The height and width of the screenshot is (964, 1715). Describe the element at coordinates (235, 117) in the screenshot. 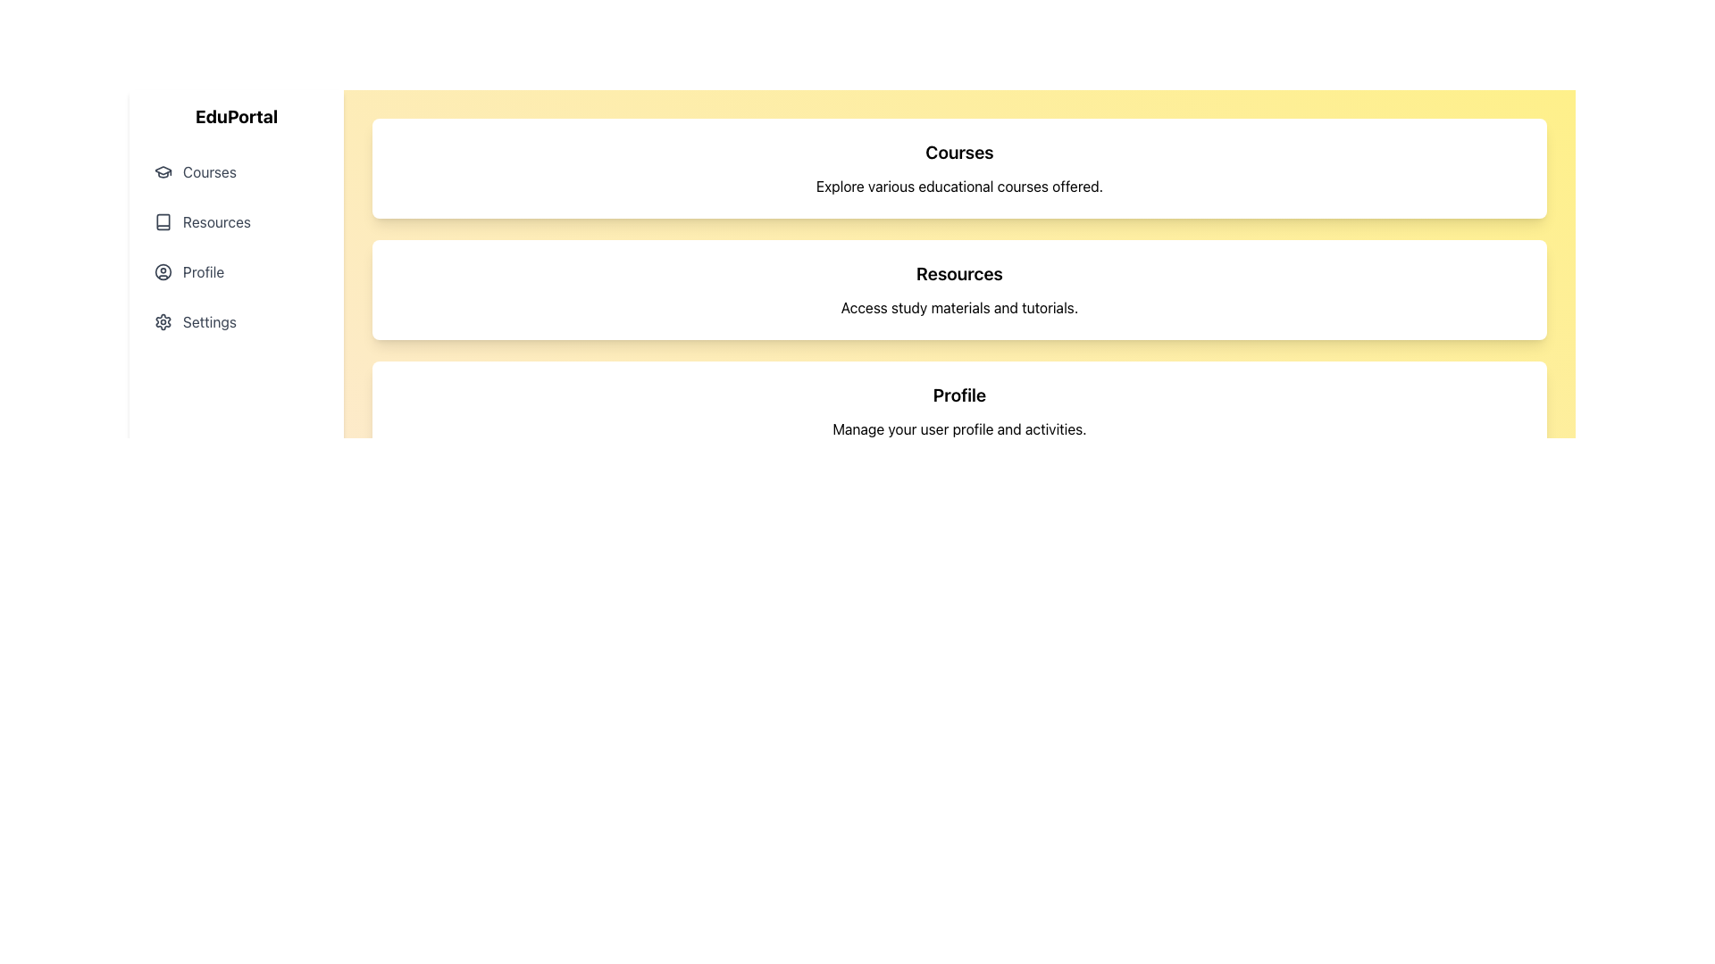

I see `the Text Label at the top of the navigation sidebar, which indicates the name of the application or section it represents` at that location.